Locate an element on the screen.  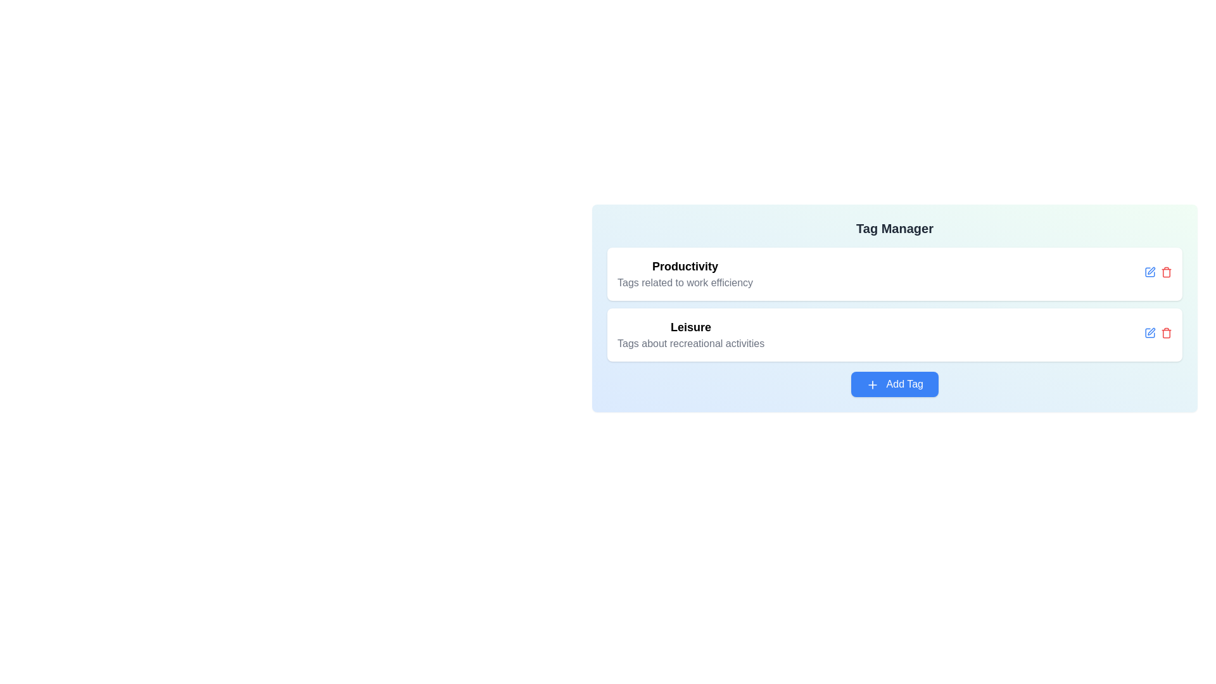
the Icon button that allows modification of the 'Productivity' tag, located on the right side of the row in the 'Tag Manager' interface, before the delete icon is located at coordinates (1149, 271).